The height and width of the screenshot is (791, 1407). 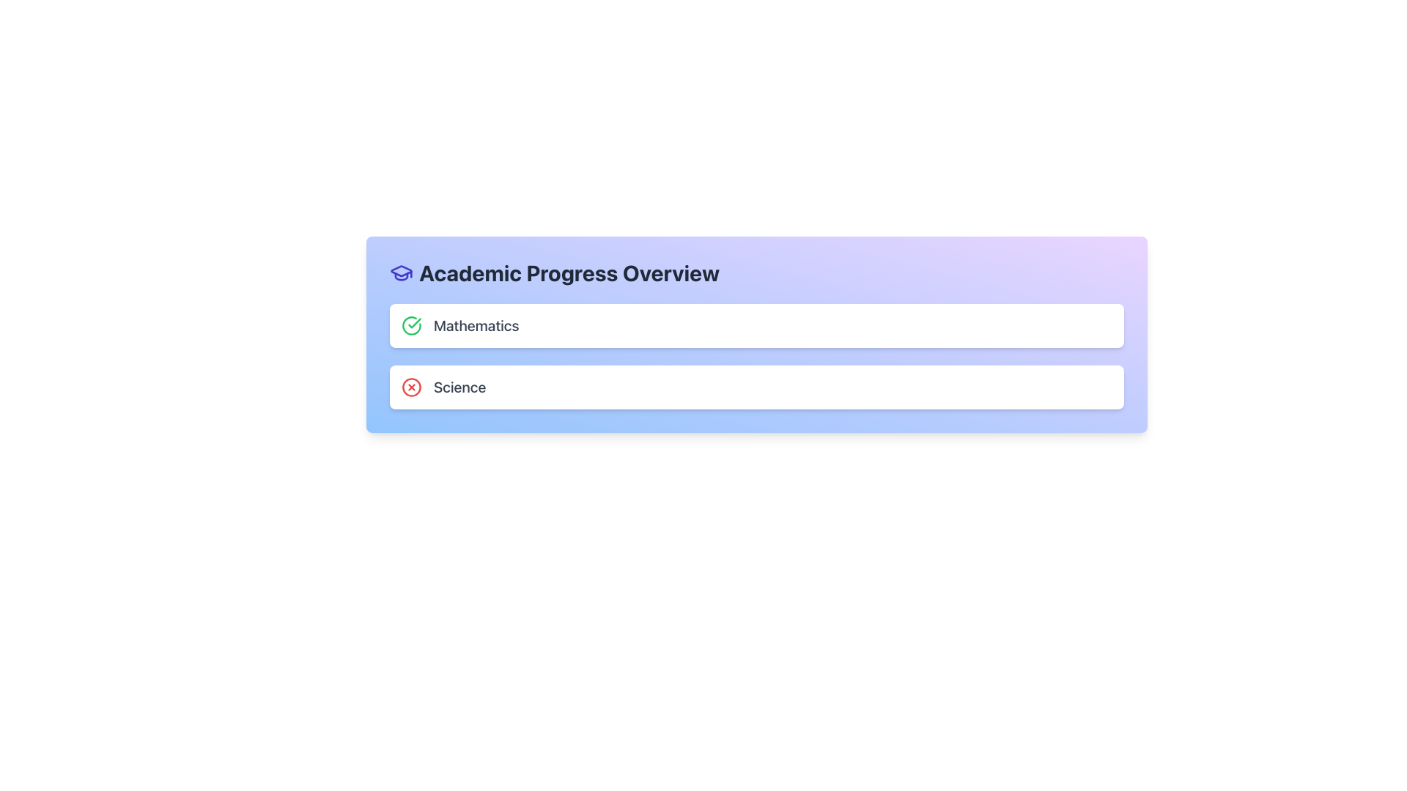 I want to click on the Text Label displaying 'Mathematics', which is styled in large medium-bold gray font and positioned to the right of a green check icon, so click(x=476, y=324).